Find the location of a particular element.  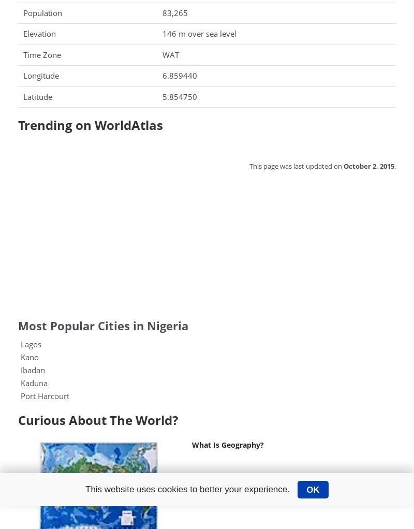

'Most Popular Cities in Nigeria' is located at coordinates (17, 326).